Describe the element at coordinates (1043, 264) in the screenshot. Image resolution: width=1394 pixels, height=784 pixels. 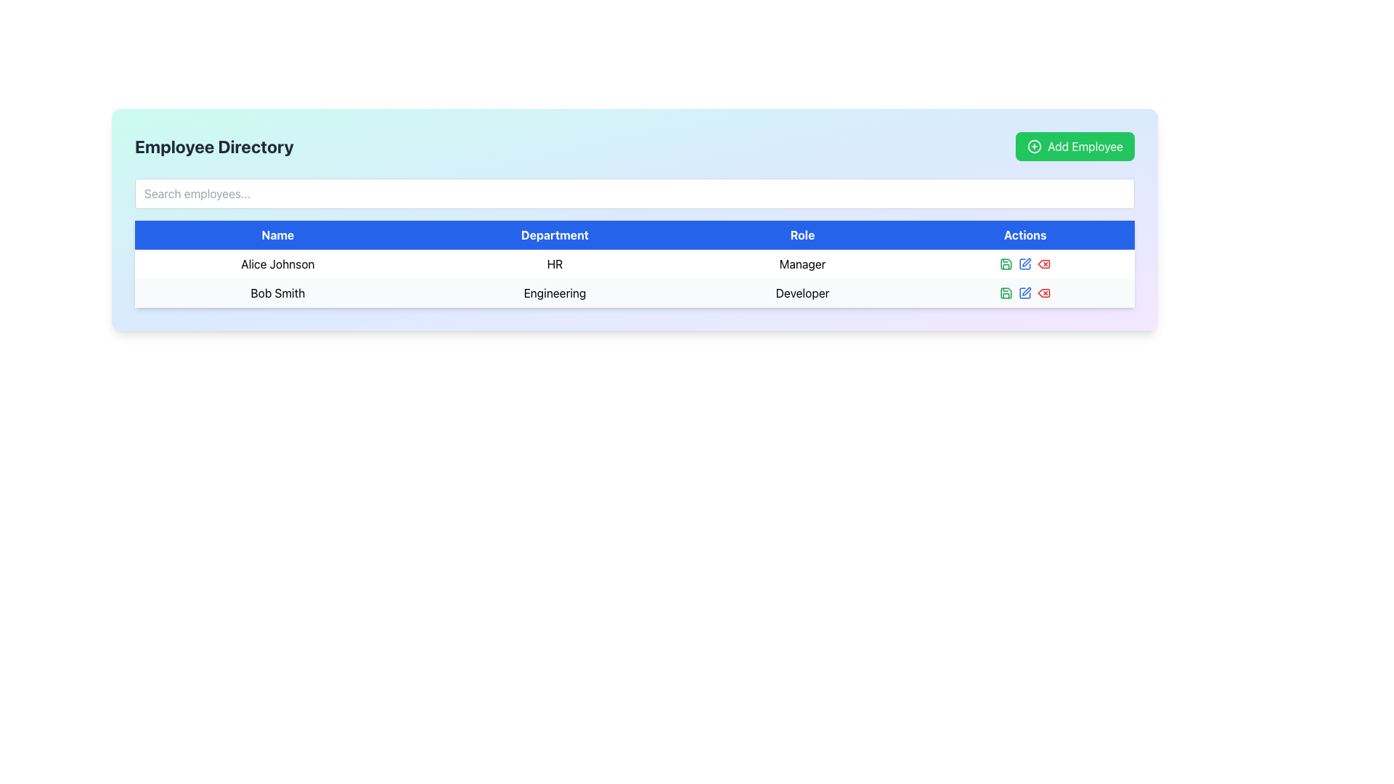
I see `the delete button represented by a trash can icon with a red cross overlay in the 'Actions' cell of the second table row for the entry related to 'Bob Smith'` at that location.